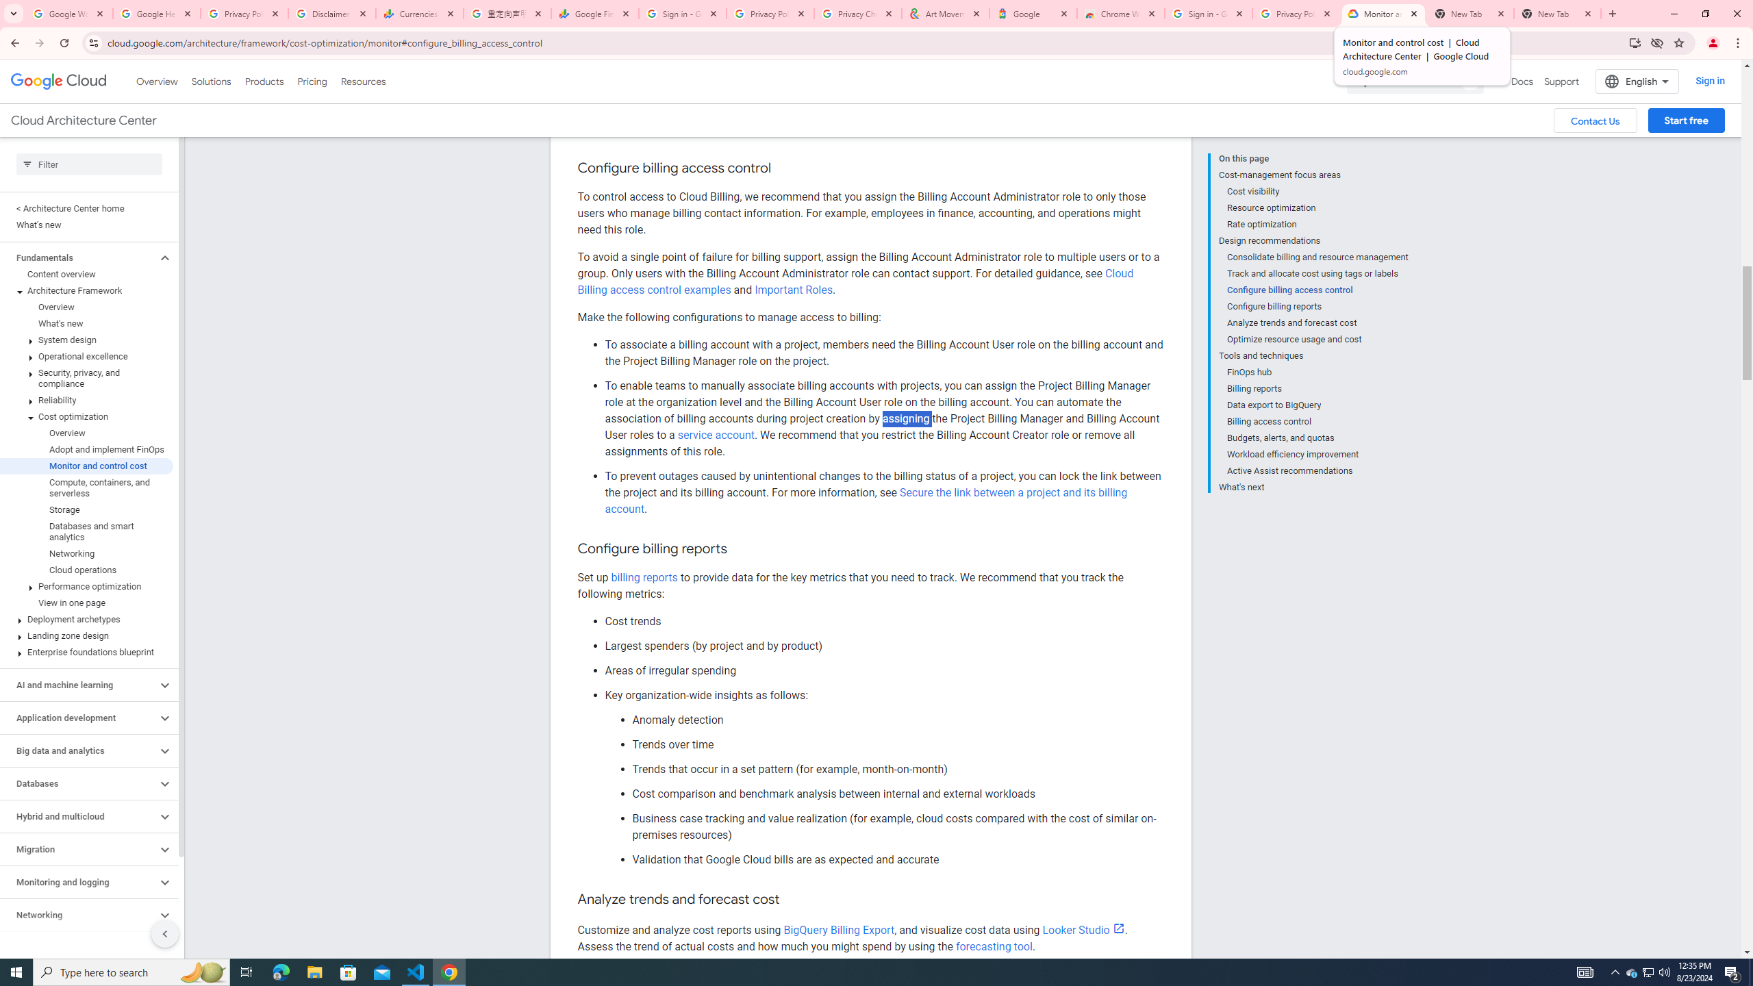 Image resolution: width=1753 pixels, height=986 pixels. I want to click on 'service account', so click(714, 435).